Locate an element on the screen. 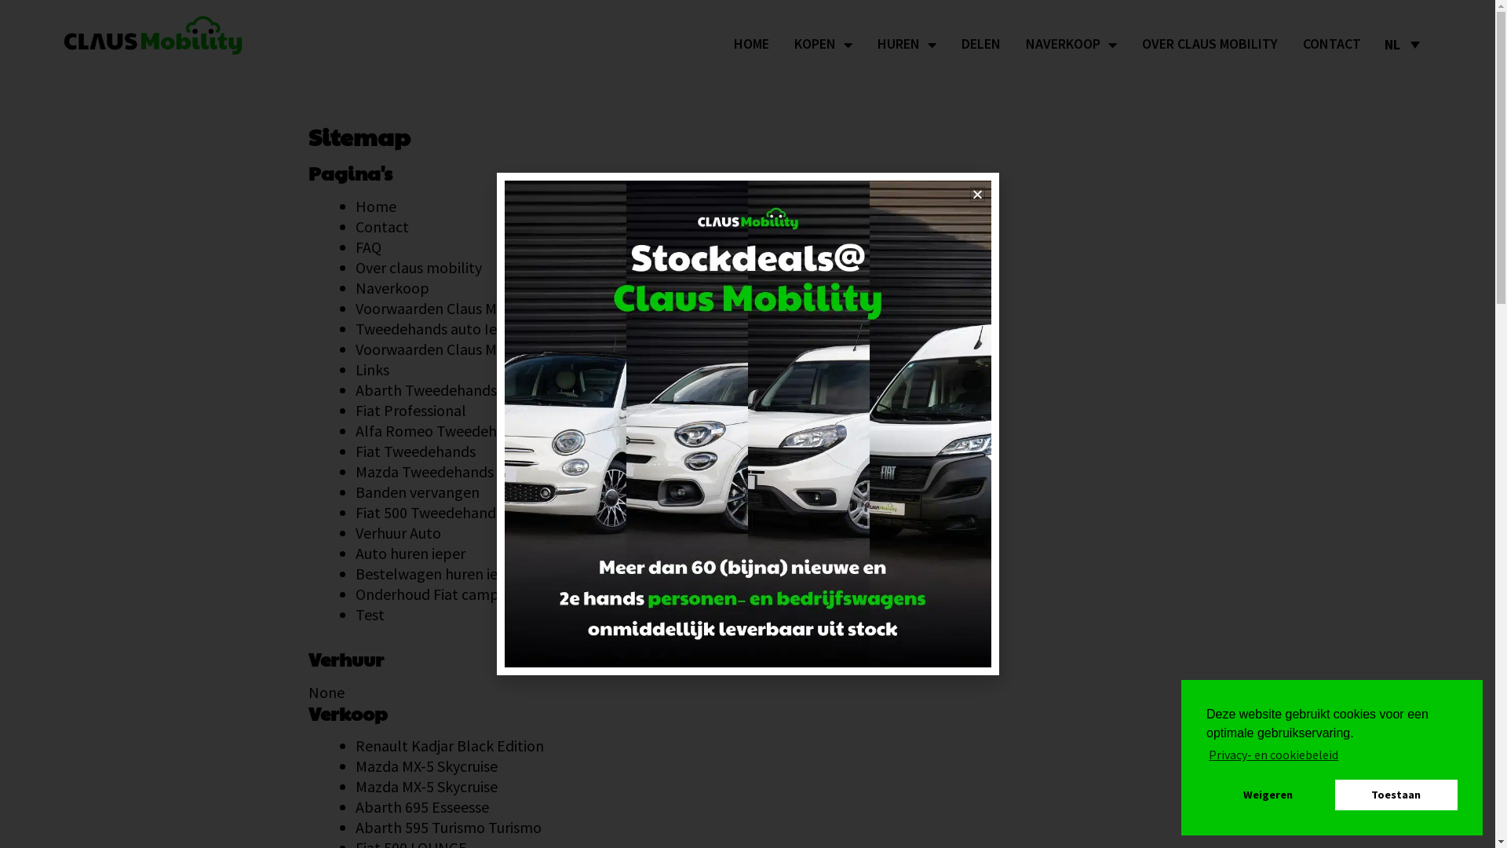 This screenshot has width=1507, height=848. 'Links' is located at coordinates (370, 369).